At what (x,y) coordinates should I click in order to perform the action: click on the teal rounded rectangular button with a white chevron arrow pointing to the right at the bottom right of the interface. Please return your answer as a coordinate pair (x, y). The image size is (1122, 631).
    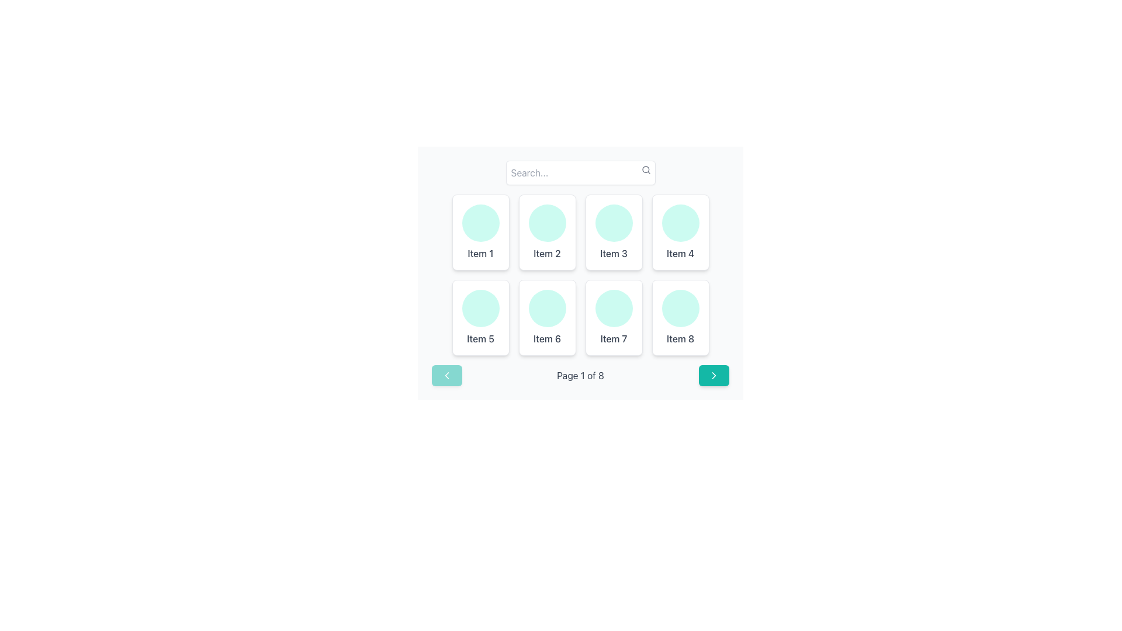
    Looking at the image, I should click on (714, 376).